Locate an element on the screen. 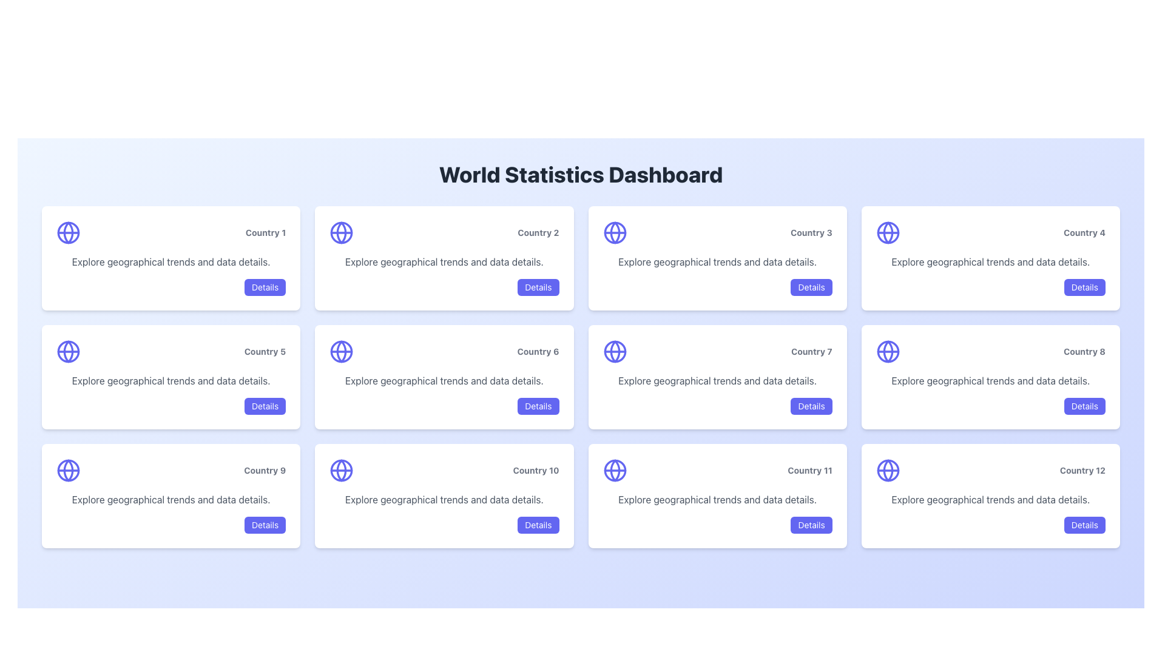  the clickable card located in the bottom right corner of the grid layout on the dashboard that provides insights related to 'Country 12' is located at coordinates (990, 495).